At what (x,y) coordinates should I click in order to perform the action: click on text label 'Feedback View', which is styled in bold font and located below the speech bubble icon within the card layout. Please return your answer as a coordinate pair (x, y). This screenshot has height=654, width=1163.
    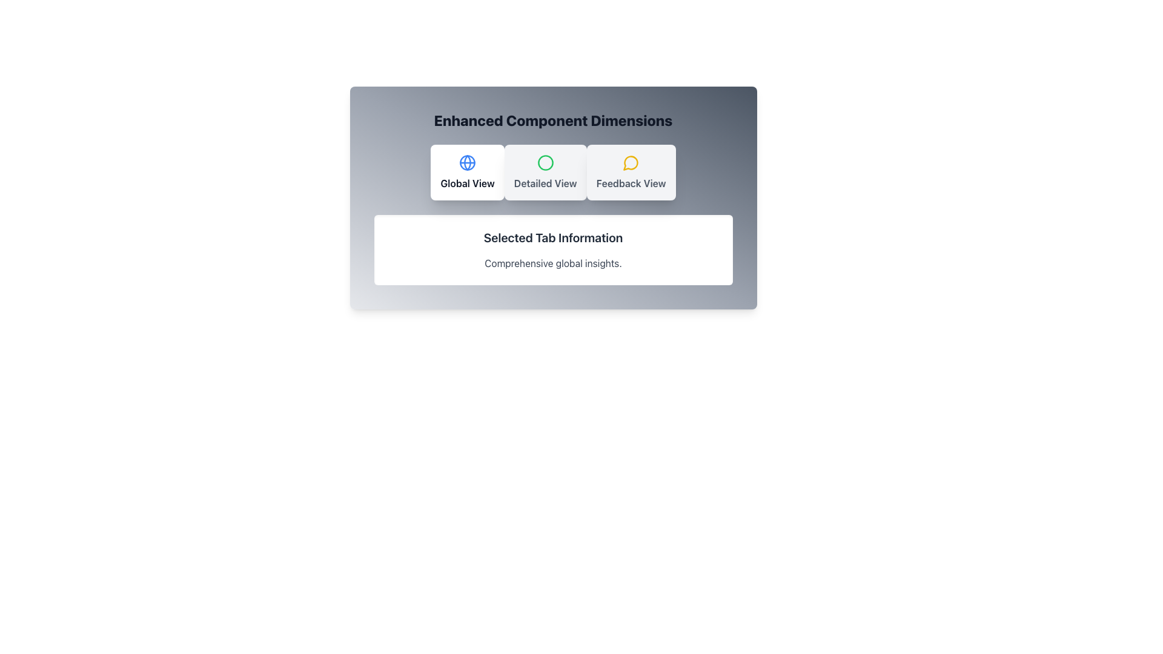
    Looking at the image, I should click on (630, 183).